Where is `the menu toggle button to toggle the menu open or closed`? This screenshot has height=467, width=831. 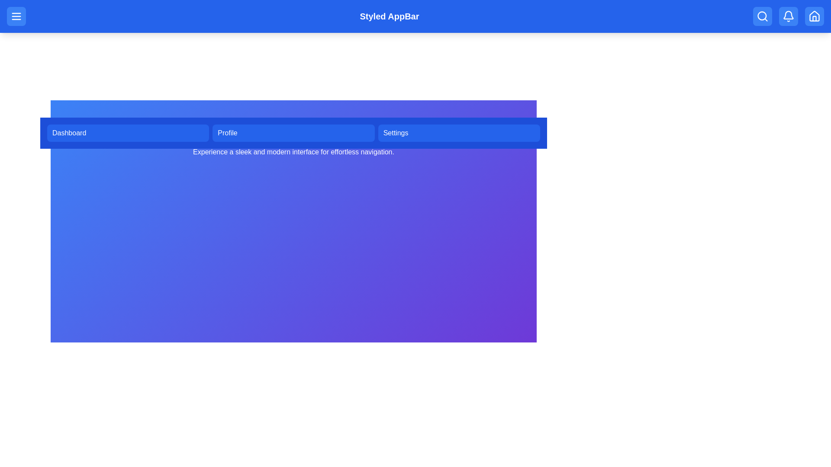 the menu toggle button to toggle the menu open or closed is located at coordinates (16, 16).